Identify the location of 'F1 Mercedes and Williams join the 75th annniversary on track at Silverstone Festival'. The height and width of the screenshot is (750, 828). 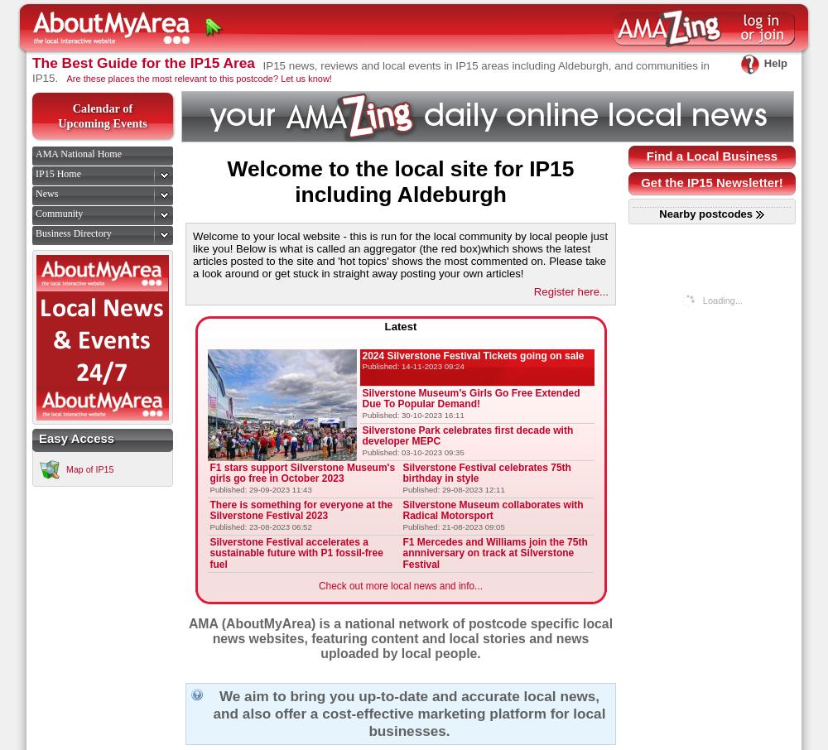
(493, 551).